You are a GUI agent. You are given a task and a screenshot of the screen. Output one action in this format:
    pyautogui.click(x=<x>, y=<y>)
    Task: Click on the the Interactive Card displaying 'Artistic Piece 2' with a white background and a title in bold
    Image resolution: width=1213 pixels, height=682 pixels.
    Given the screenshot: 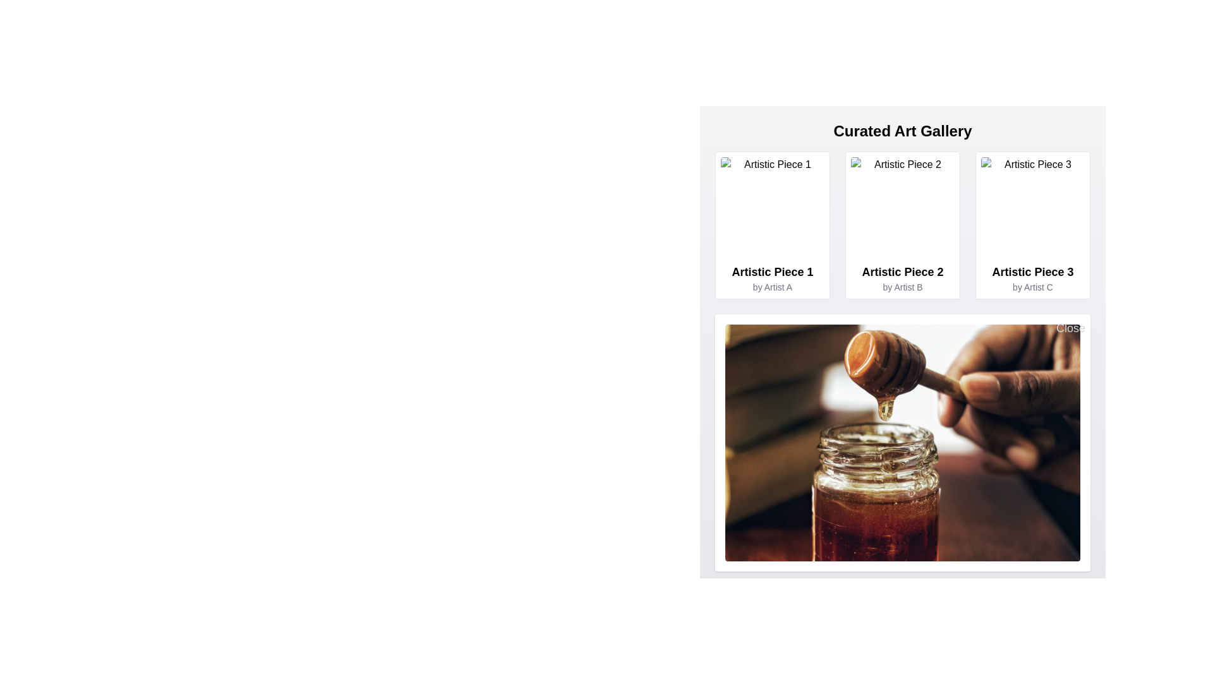 What is the action you would take?
    pyautogui.click(x=902, y=225)
    